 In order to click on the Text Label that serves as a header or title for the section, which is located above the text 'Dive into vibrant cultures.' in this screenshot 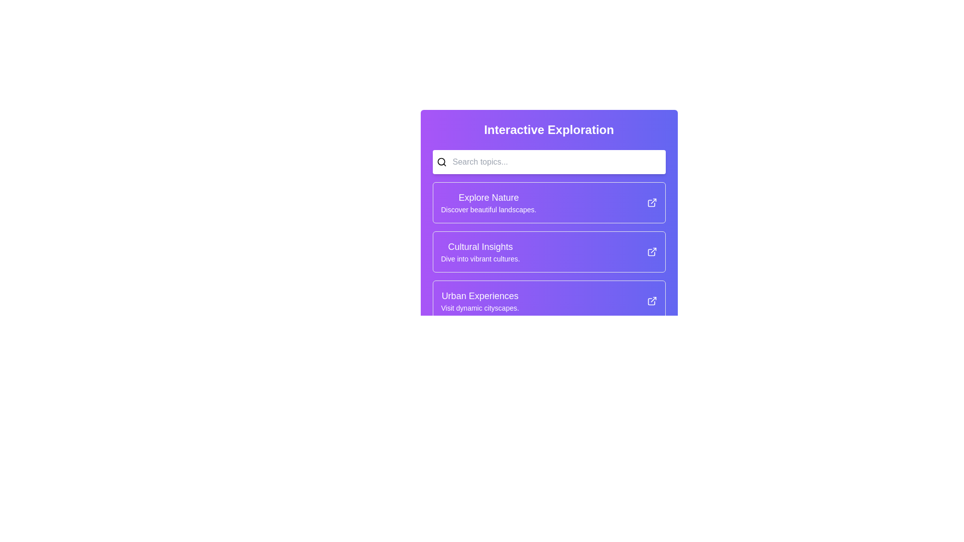, I will do `click(480, 247)`.